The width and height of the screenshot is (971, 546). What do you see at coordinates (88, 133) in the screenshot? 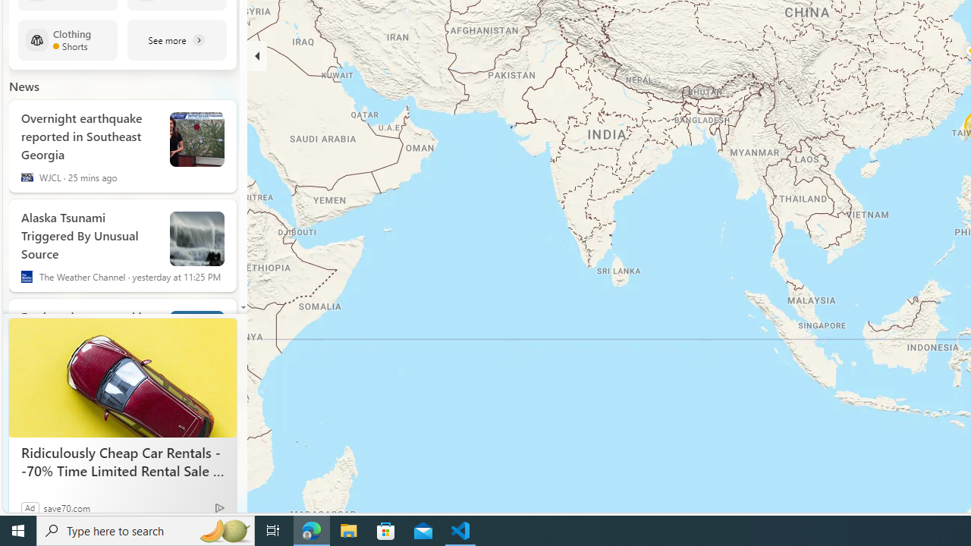
I see `'Overnight earthquake reported in Southeast Georgia'` at bounding box center [88, 133].